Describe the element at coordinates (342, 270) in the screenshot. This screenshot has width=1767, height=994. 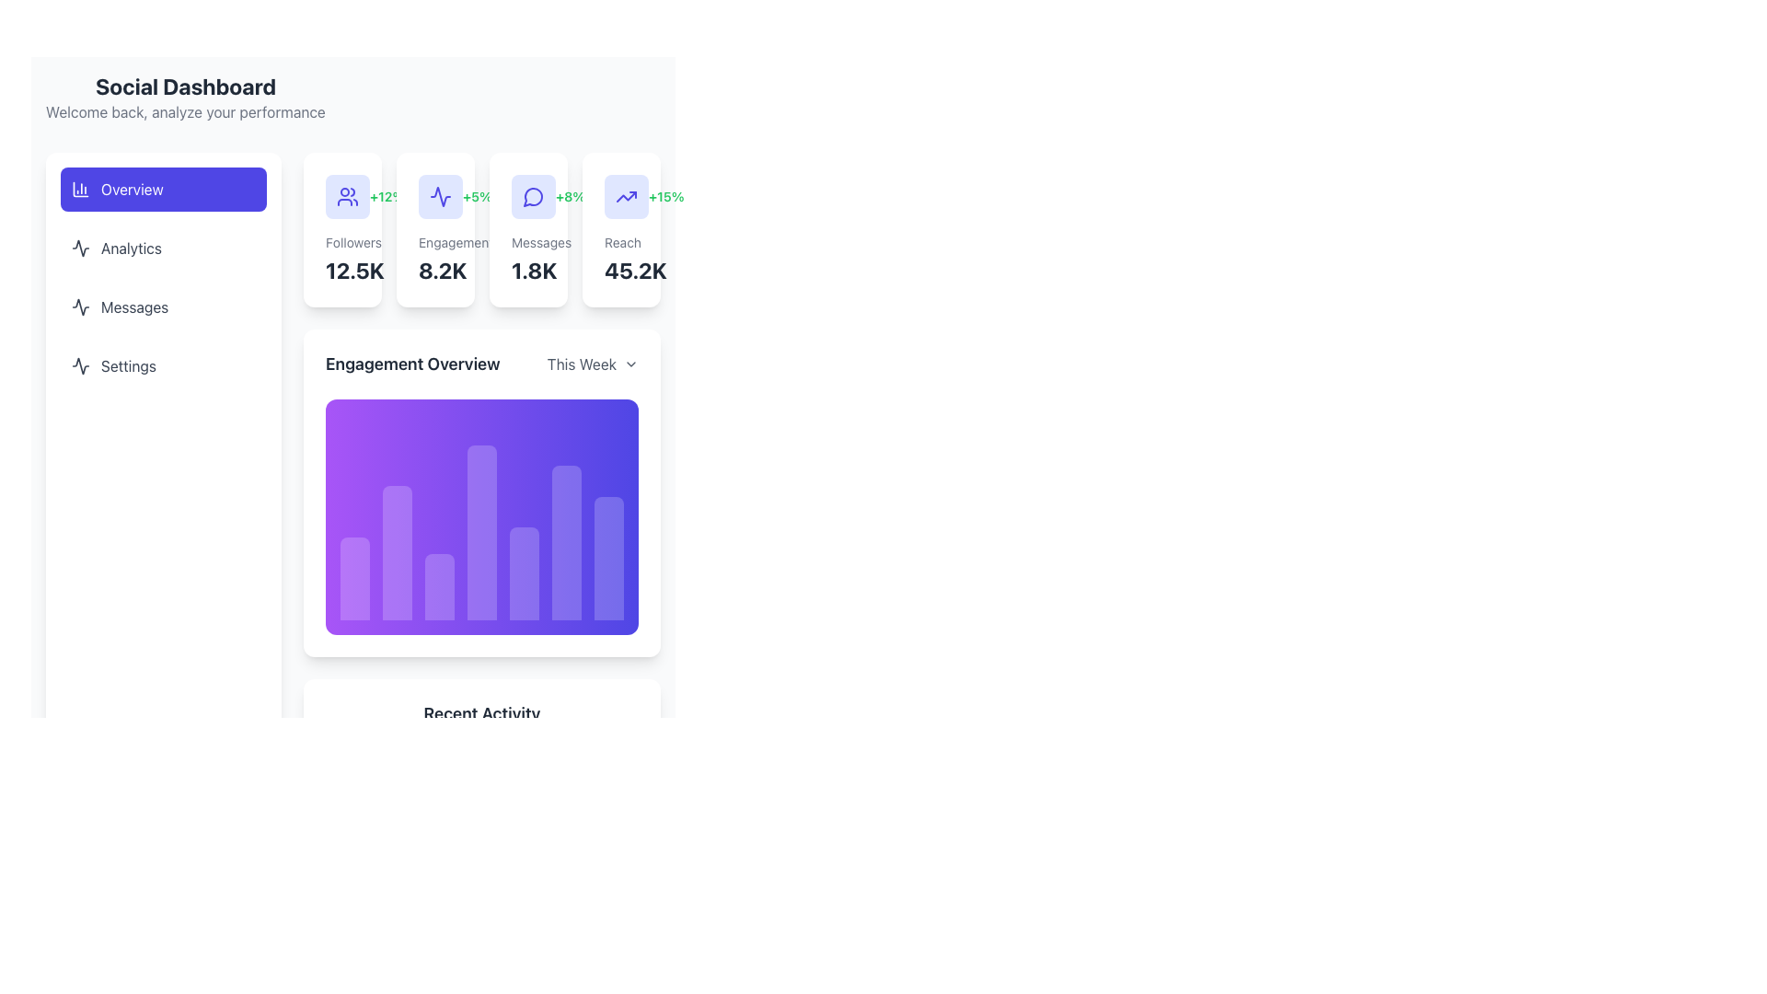
I see `the value displayed as '12.5K' in bold dark gray text located at the lower section of the leftmost card within the dashboard interface` at that location.